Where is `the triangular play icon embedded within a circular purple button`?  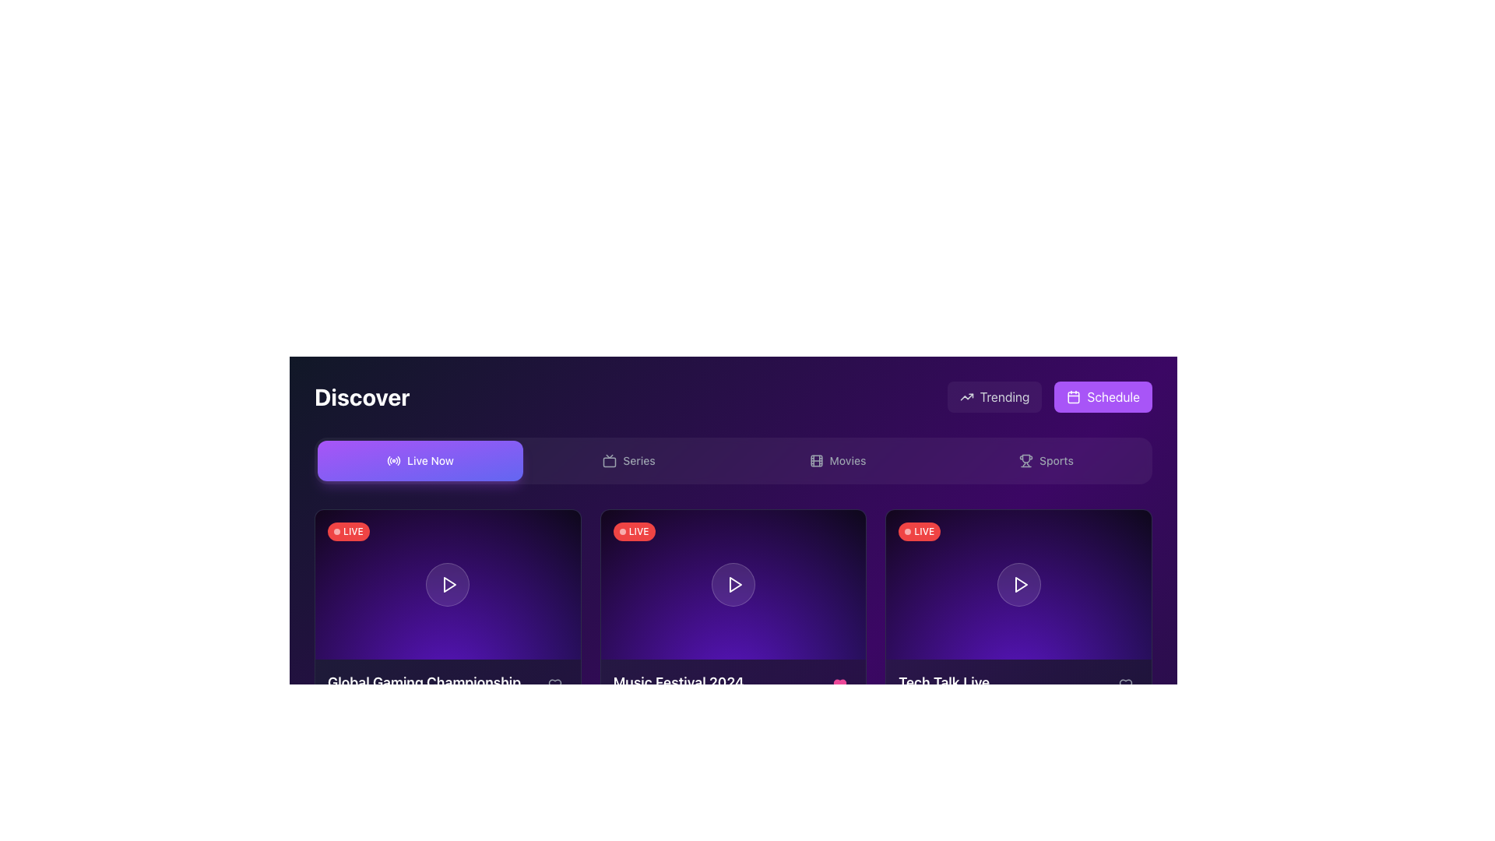 the triangular play icon embedded within a circular purple button is located at coordinates (734, 584).